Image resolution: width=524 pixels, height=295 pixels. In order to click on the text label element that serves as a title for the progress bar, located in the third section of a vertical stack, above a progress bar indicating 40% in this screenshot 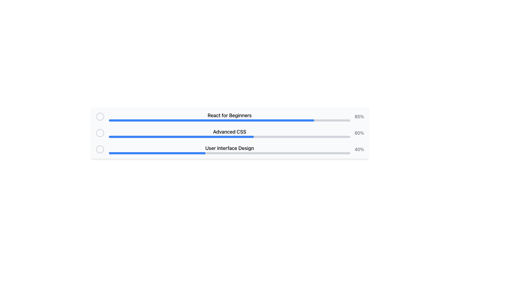, I will do `click(230, 148)`.